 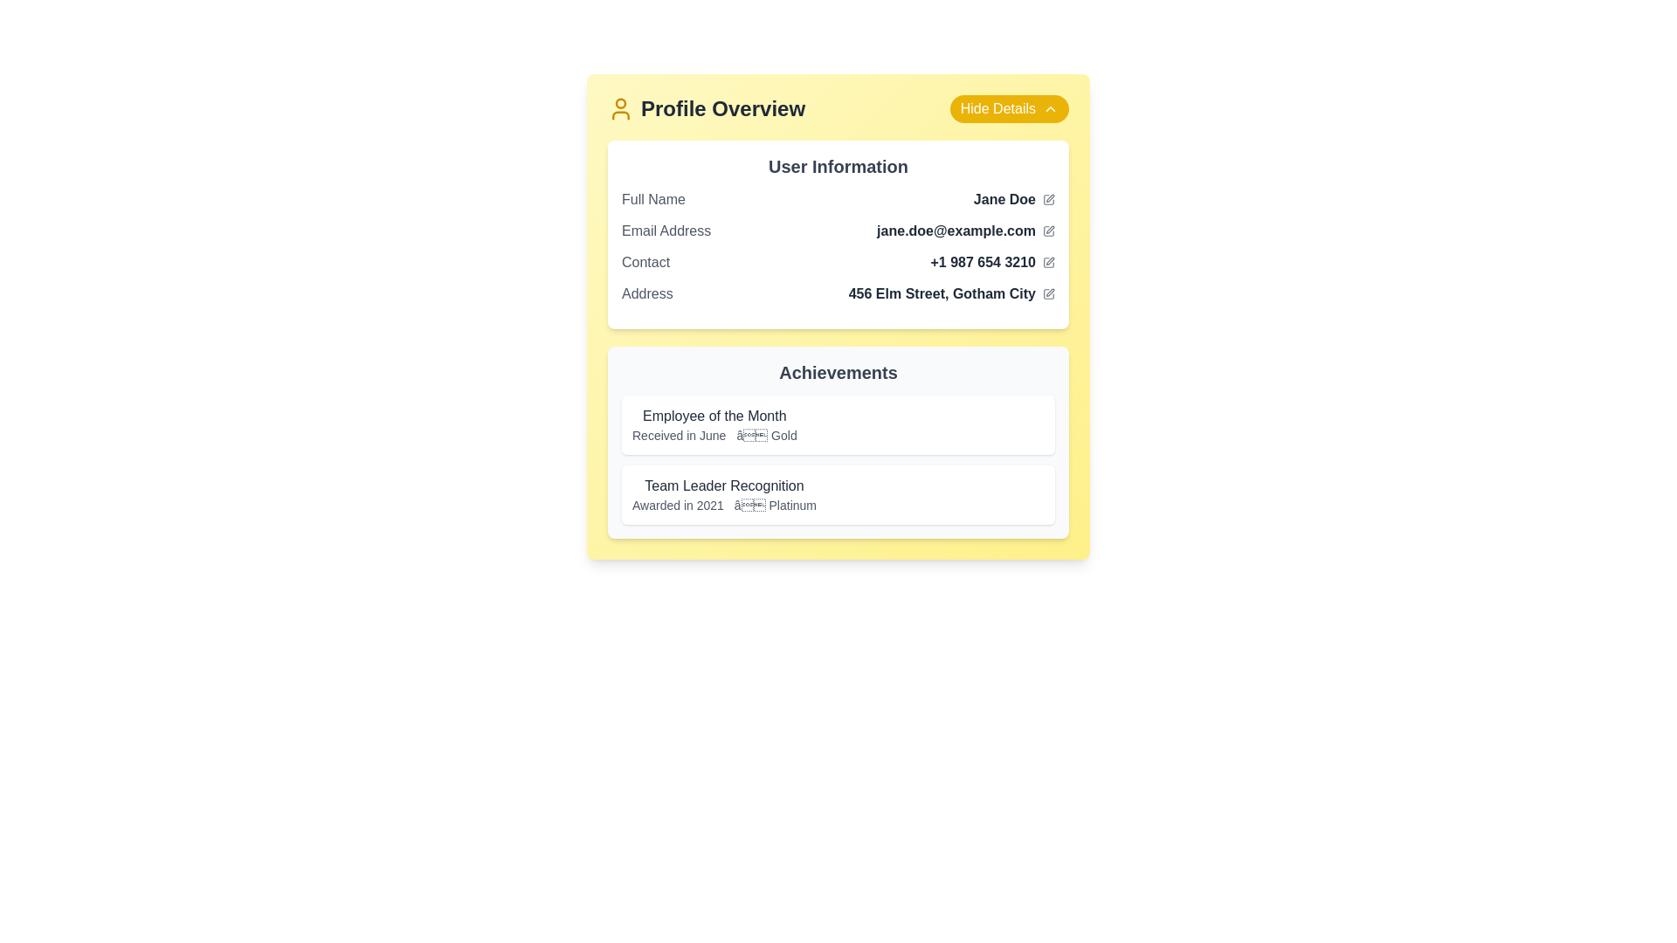 I want to click on the text label displaying '★ Platinum' which represents an achievement level in the 'Achievements' section of the profile interface, specifically associated with 'Team Leader Recognition', so click(x=775, y=505).